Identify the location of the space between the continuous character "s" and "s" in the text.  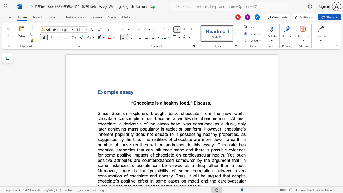
(125, 92).